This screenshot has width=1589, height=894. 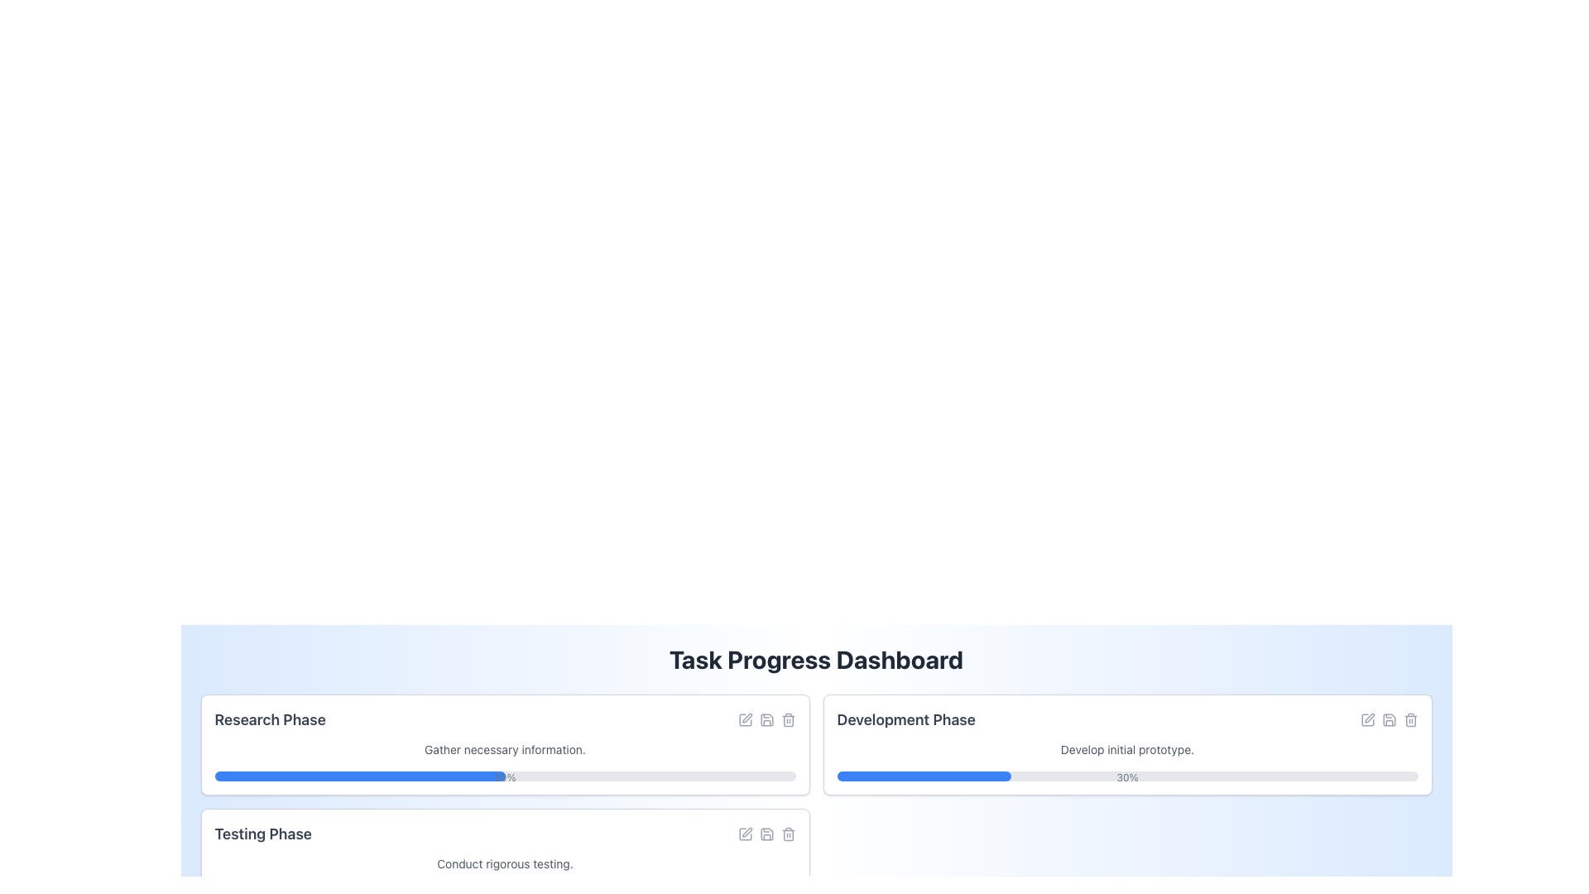 What do you see at coordinates (746, 717) in the screenshot?
I see `the edit icon button located at the top right corner of the 'Research Phase' card to initiate the edit action` at bounding box center [746, 717].